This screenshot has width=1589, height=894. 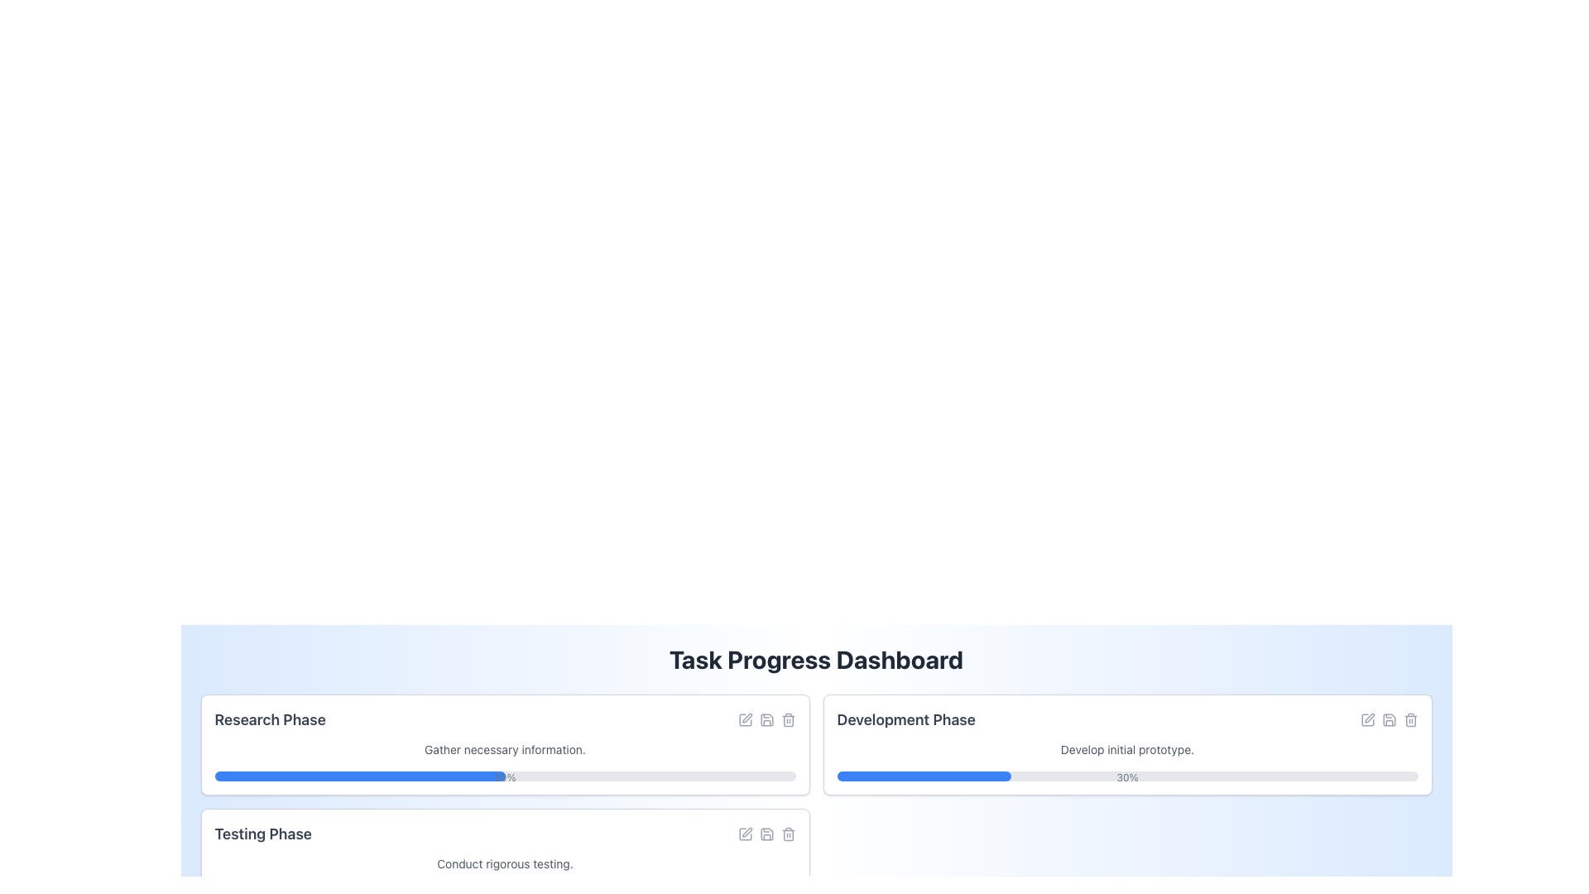 What do you see at coordinates (746, 717) in the screenshot?
I see `the edit icon button located at the top right corner of the 'Research Phase' card to initiate the edit action` at bounding box center [746, 717].